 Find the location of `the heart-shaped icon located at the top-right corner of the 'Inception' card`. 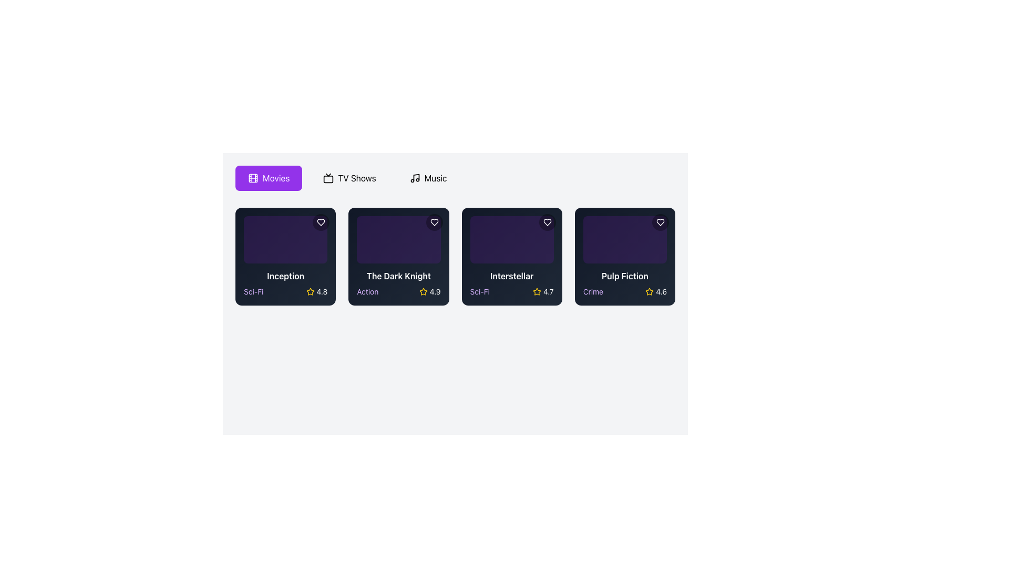

the heart-shaped icon located at the top-right corner of the 'Inception' card is located at coordinates (321, 222).